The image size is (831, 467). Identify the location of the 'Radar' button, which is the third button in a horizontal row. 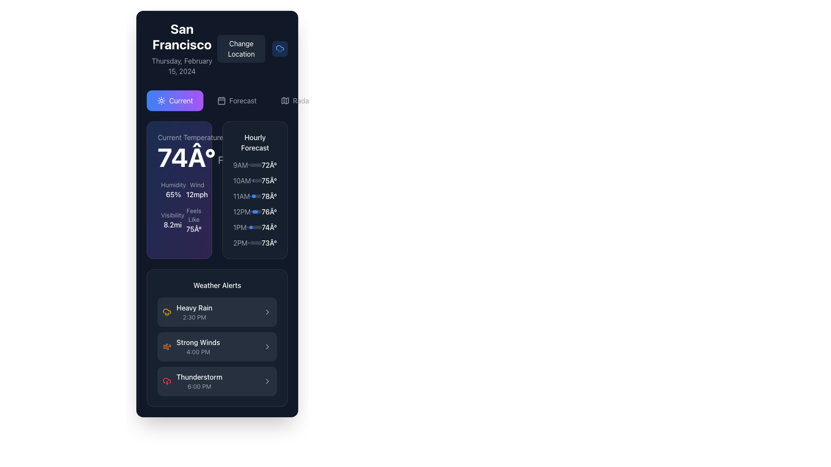
(296, 100).